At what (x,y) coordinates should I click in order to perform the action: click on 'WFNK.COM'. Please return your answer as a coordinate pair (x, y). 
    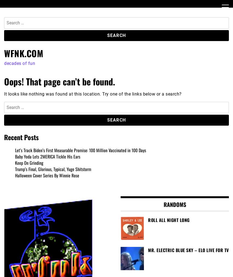
    Looking at the image, I should click on (23, 53).